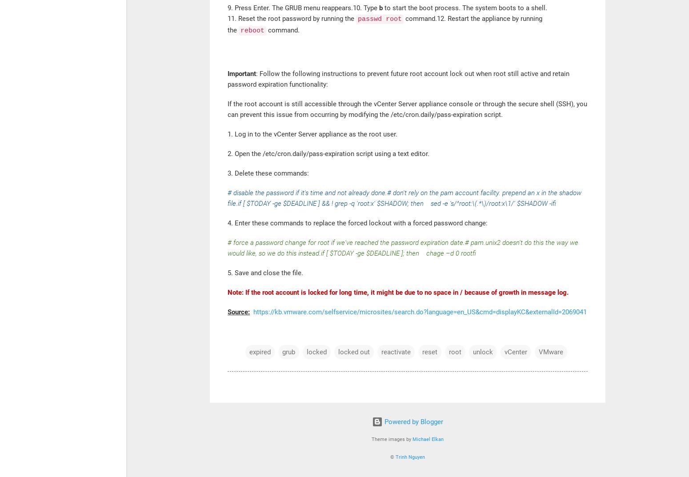 This screenshot has width=689, height=477. I want to click on 'b', so click(381, 7).